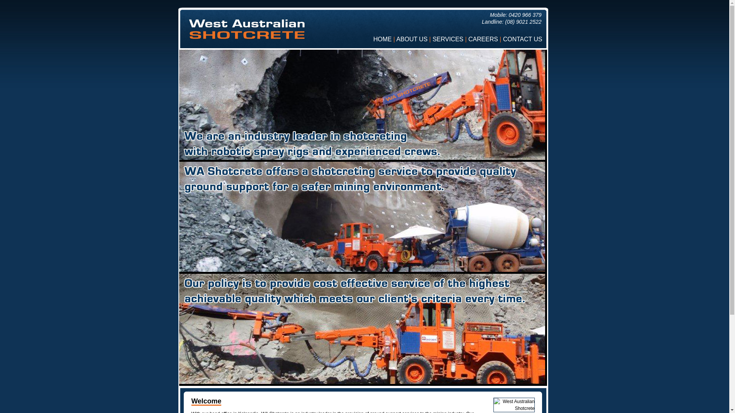  What do you see at coordinates (448, 39) in the screenshot?
I see `'SERVICES'` at bounding box center [448, 39].